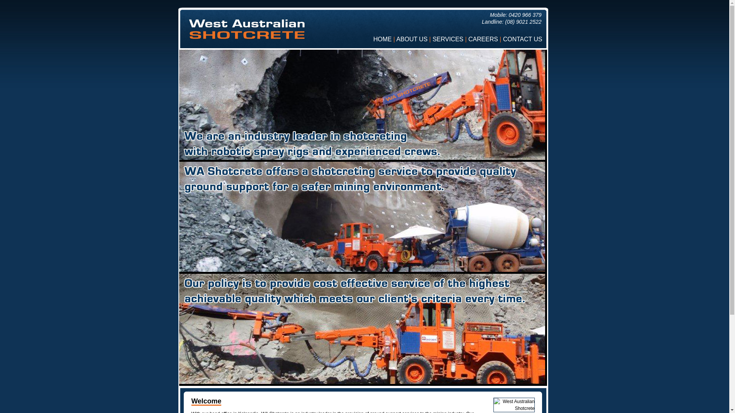  What do you see at coordinates (448, 39) in the screenshot?
I see `'SERVICES'` at bounding box center [448, 39].